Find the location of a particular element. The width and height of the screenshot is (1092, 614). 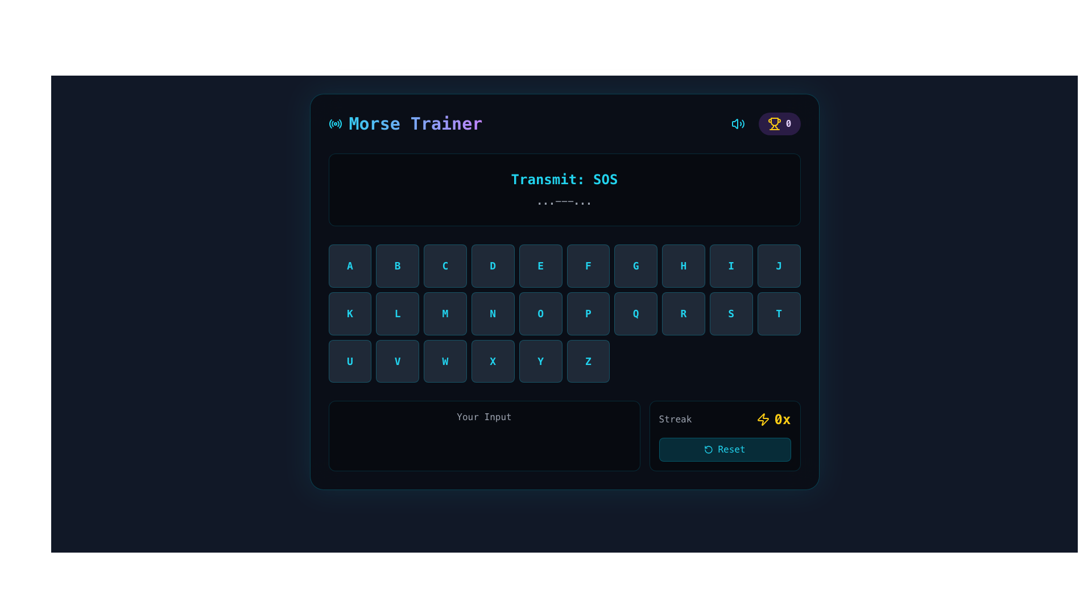

the interactive button for selecting the 'W' character, which is located in the last row and third column of the grid, adjacent to 'V' on the left and 'X' on the right is located at coordinates (444, 361).